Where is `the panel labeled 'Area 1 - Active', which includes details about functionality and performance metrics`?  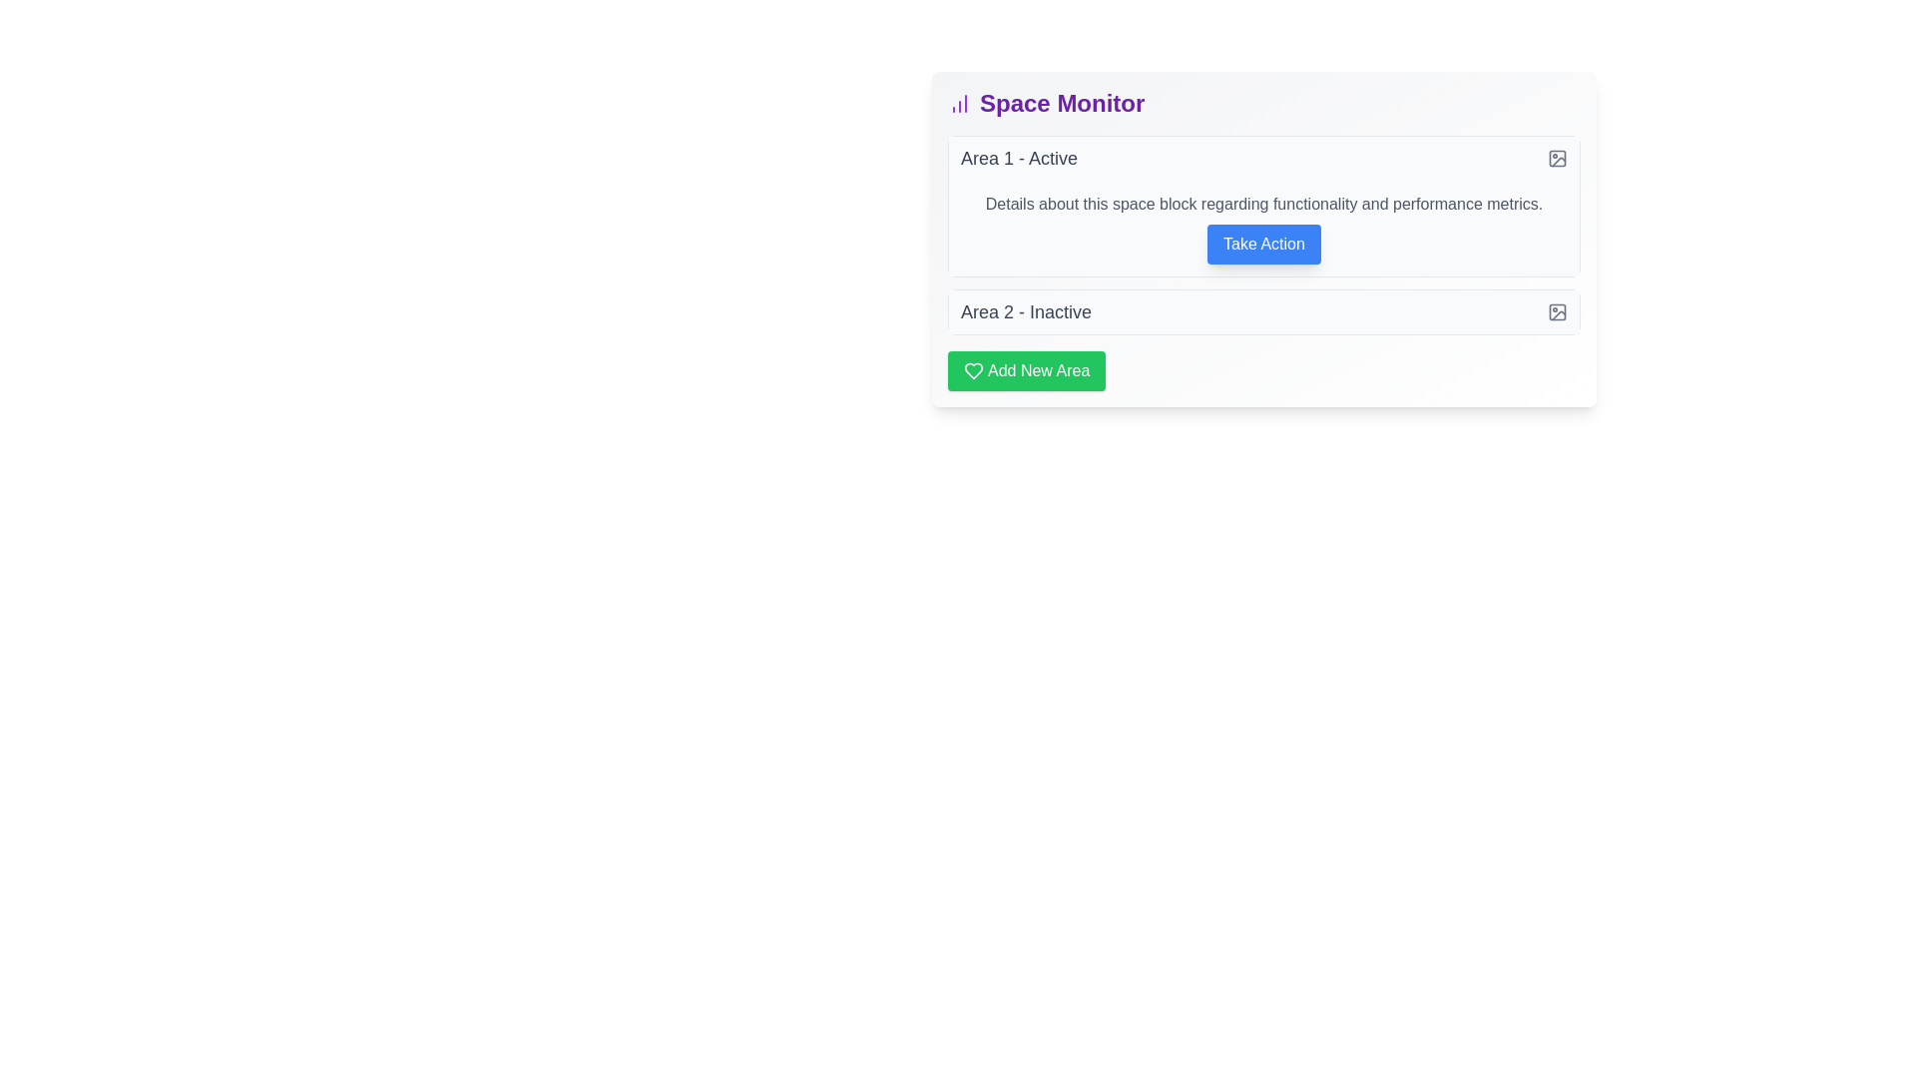 the panel labeled 'Area 1 - Active', which includes details about functionality and performance metrics is located at coordinates (1263, 207).